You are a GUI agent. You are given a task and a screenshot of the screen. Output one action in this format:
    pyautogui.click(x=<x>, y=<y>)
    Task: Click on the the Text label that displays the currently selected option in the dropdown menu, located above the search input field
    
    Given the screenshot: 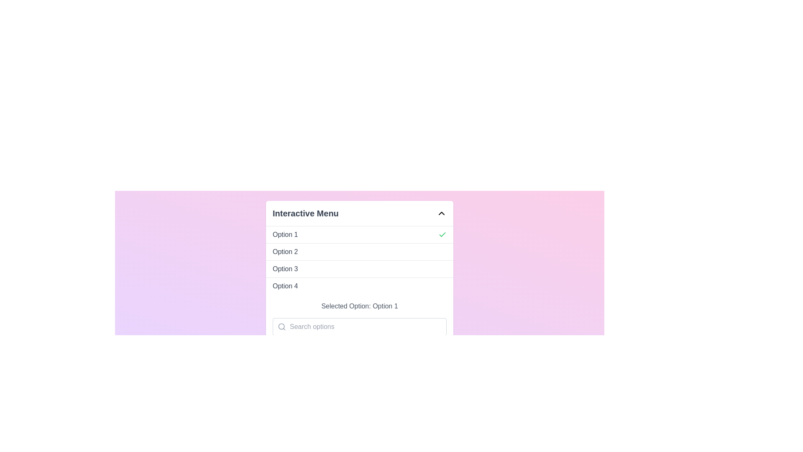 What is the action you would take?
    pyautogui.click(x=359, y=306)
    